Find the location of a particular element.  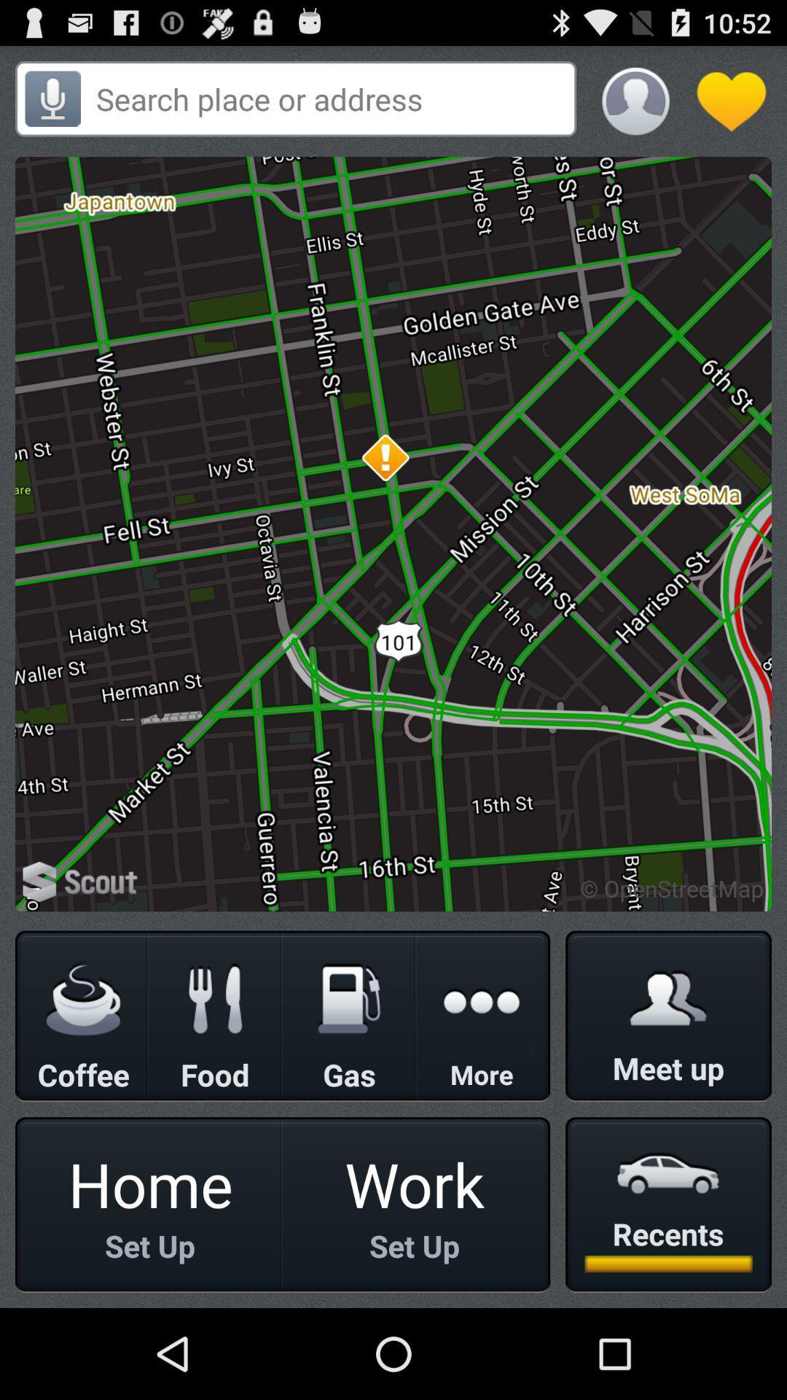

search page is located at coordinates (331, 98).